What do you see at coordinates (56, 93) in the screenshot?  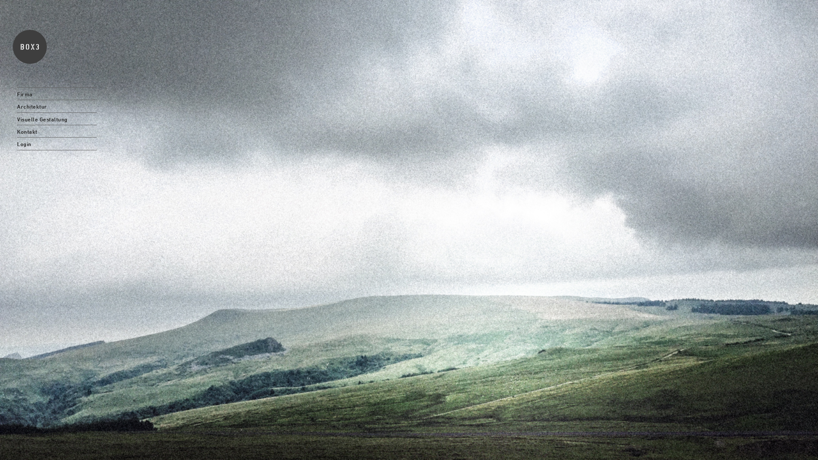 I see `'Firma'` at bounding box center [56, 93].